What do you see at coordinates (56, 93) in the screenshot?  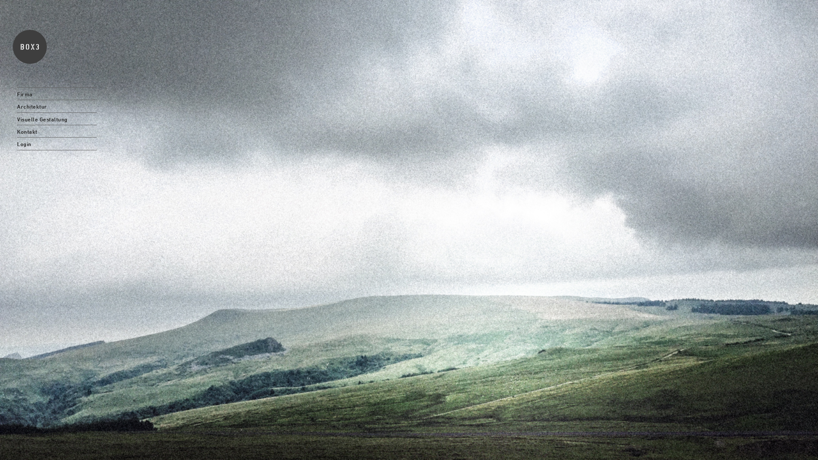 I see `'Firma'` at bounding box center [56, 93].